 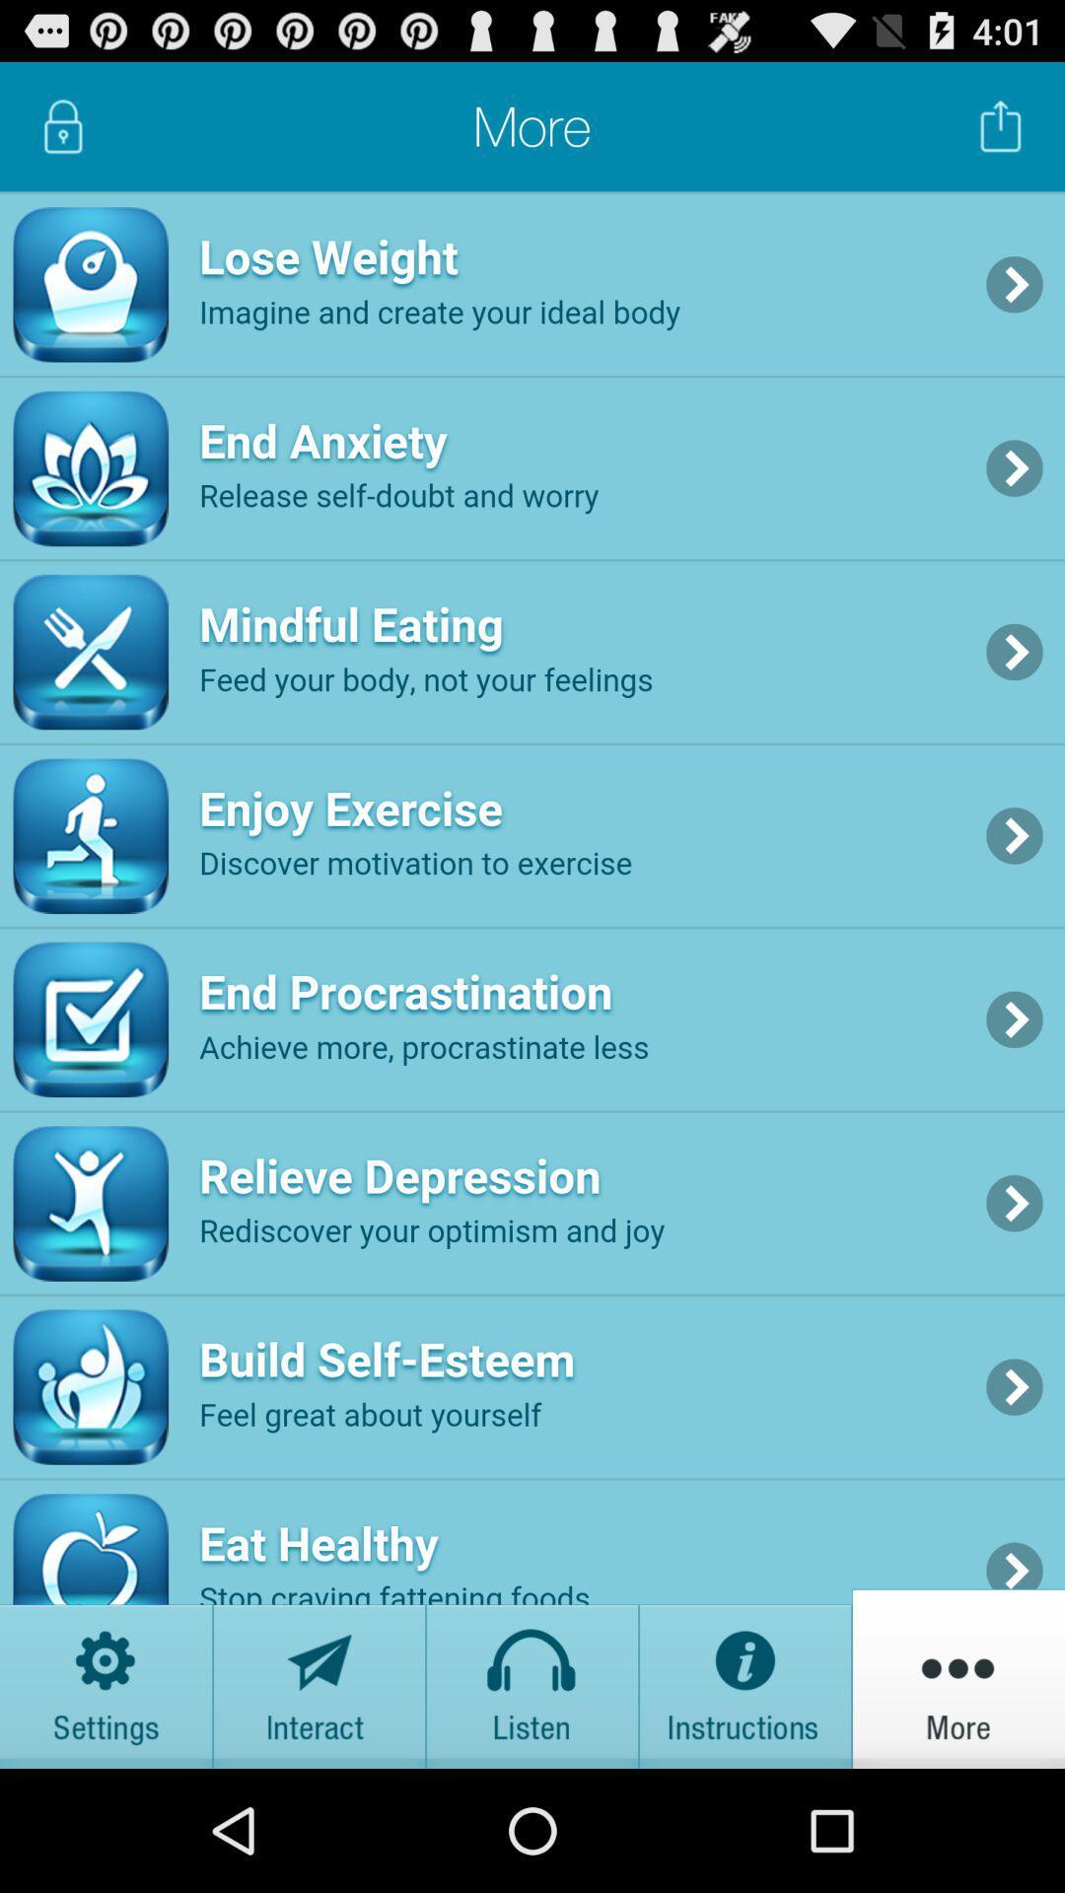 I want to click on open settings, so click(x=106, y=1677).